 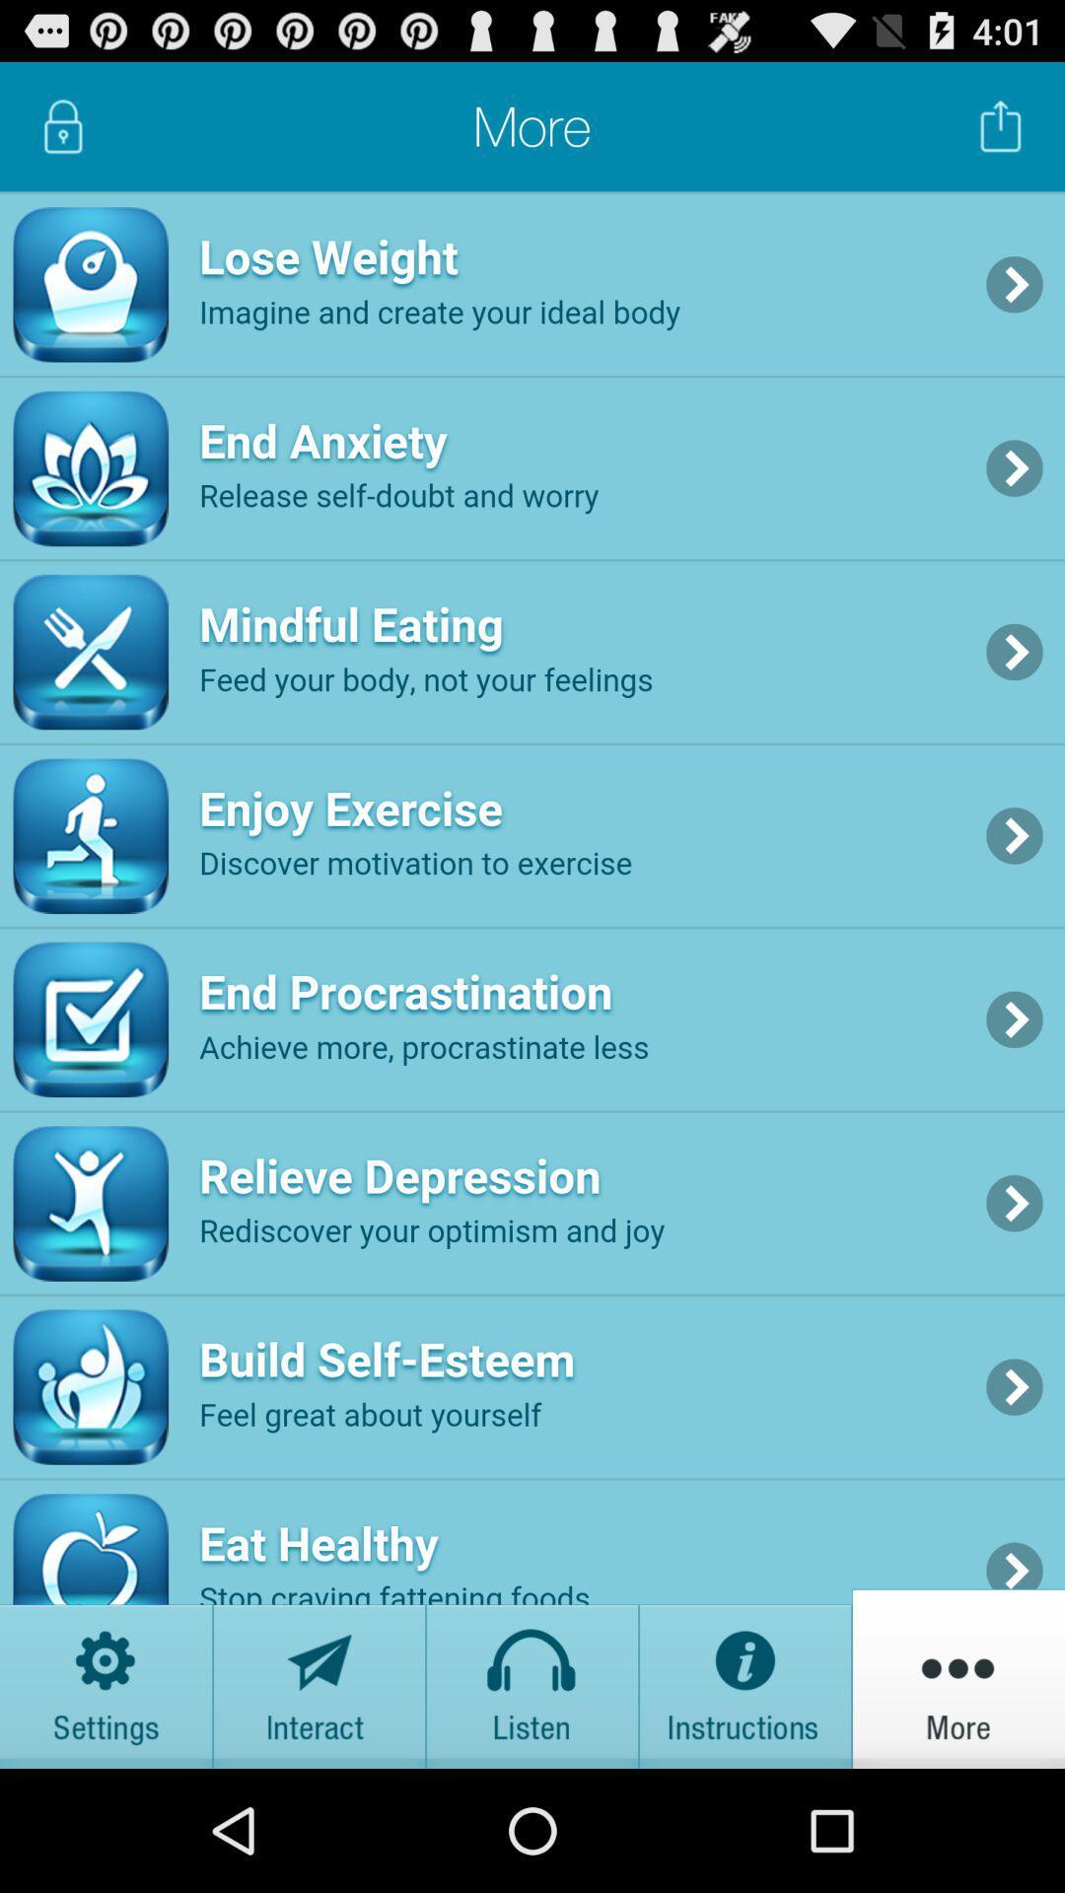 I want to click on open settings, so click(x=106, y=1677).